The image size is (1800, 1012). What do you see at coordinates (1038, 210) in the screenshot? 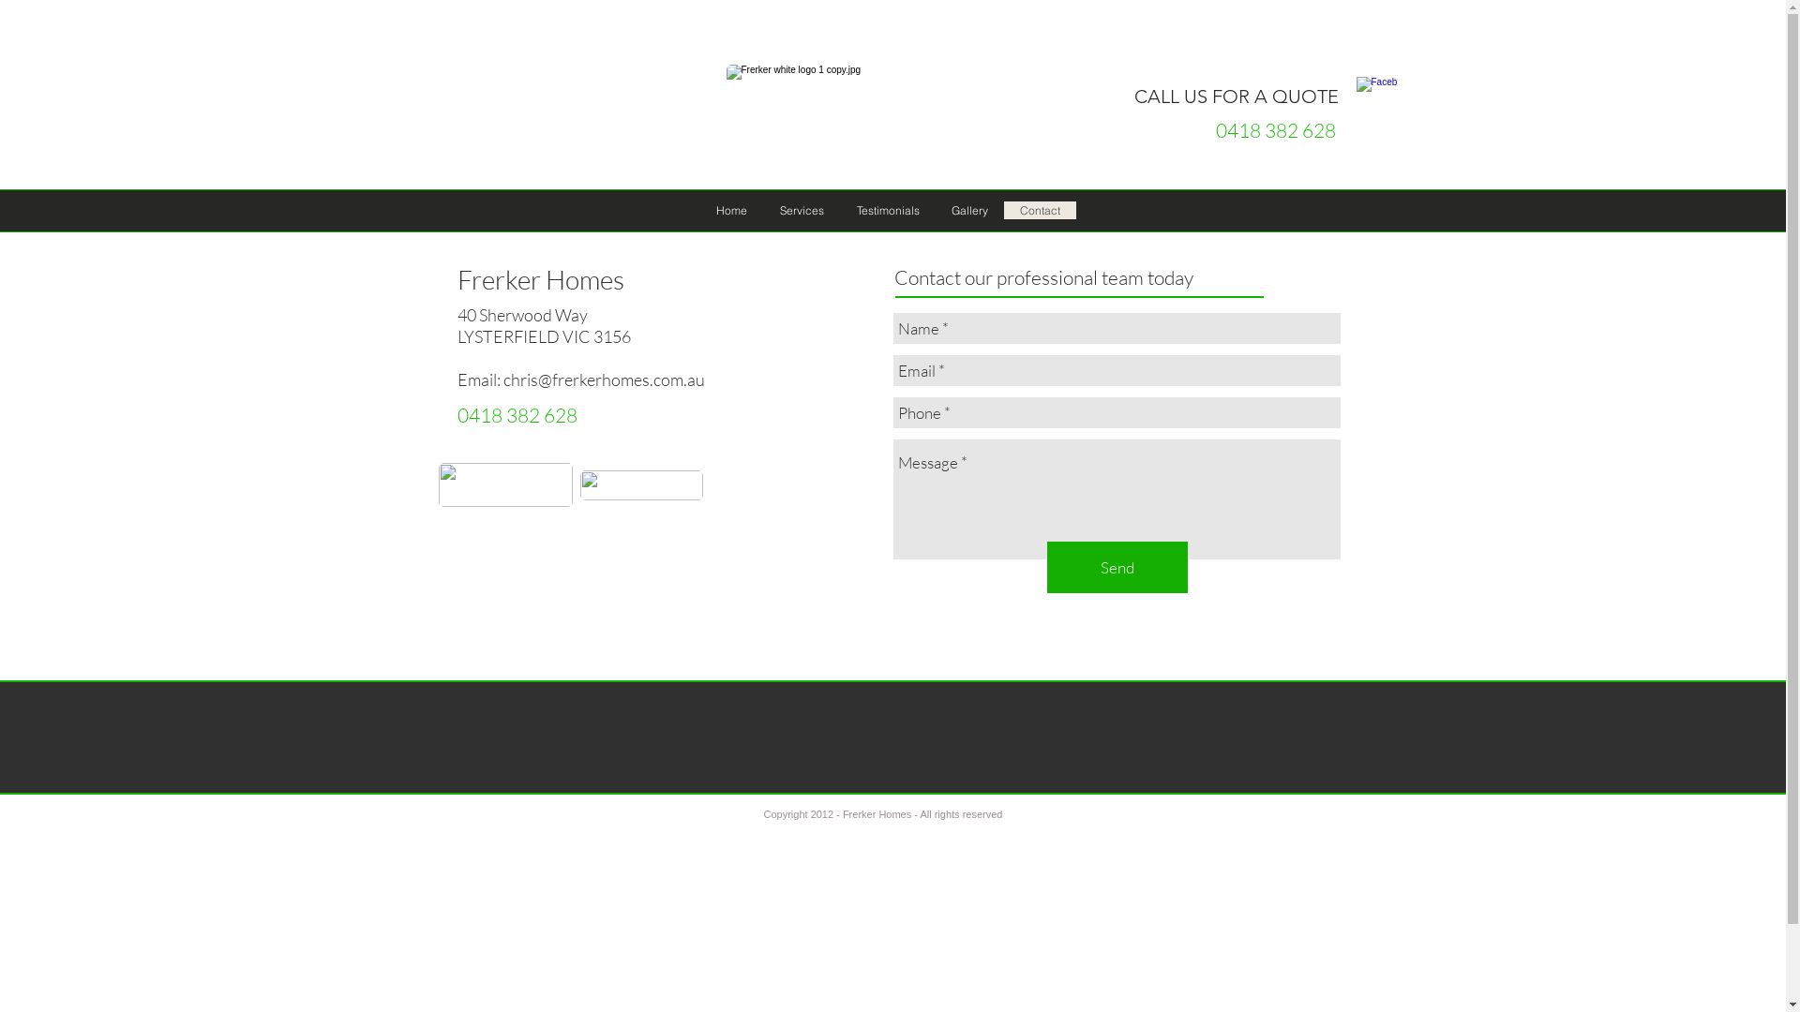
I see `'Contact'` at bounding box center [1038, 210].